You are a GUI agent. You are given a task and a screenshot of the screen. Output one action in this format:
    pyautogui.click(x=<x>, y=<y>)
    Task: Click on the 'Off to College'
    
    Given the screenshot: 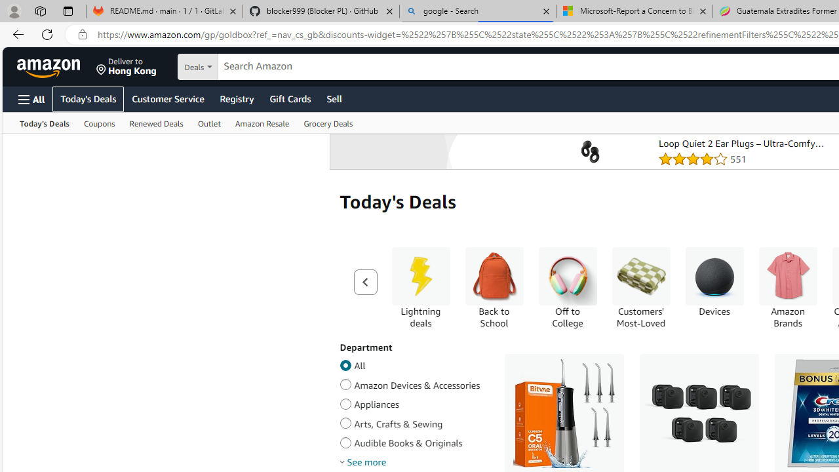 What is the action you would take?
    pyautogui.click(x=567, y=287)
    